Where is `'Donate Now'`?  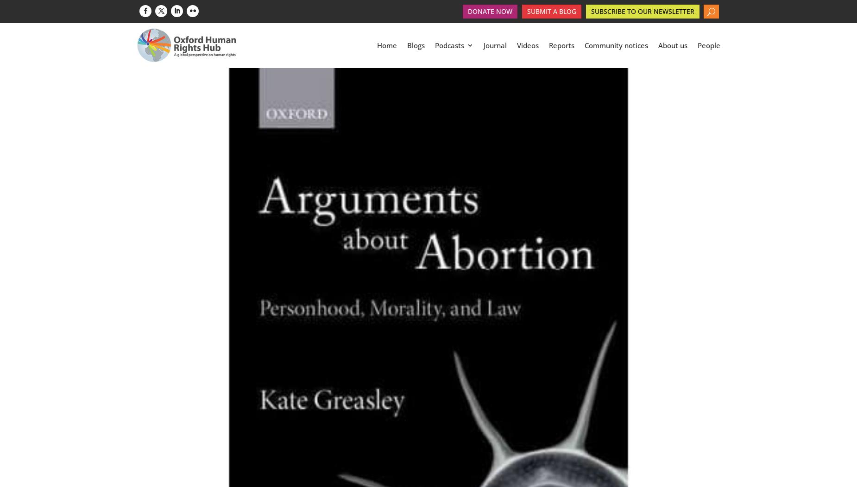
'Donate Now' is located at coordinates (489, 11).